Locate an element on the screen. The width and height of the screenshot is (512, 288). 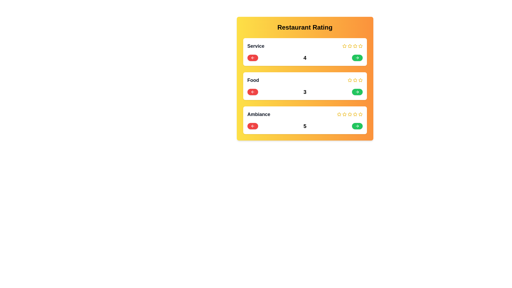
the first star icon in the rating system, which is yellowish-orange and styled with a sharp geometric design is located at coordinates (350, 46).